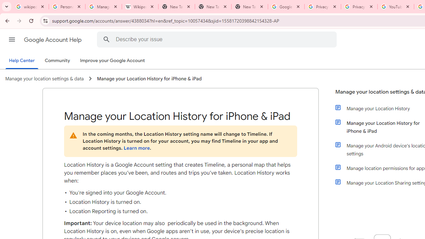 This screenshot has width=425, height=239. I want to click on 'Google Account Help', so click(53, 40).